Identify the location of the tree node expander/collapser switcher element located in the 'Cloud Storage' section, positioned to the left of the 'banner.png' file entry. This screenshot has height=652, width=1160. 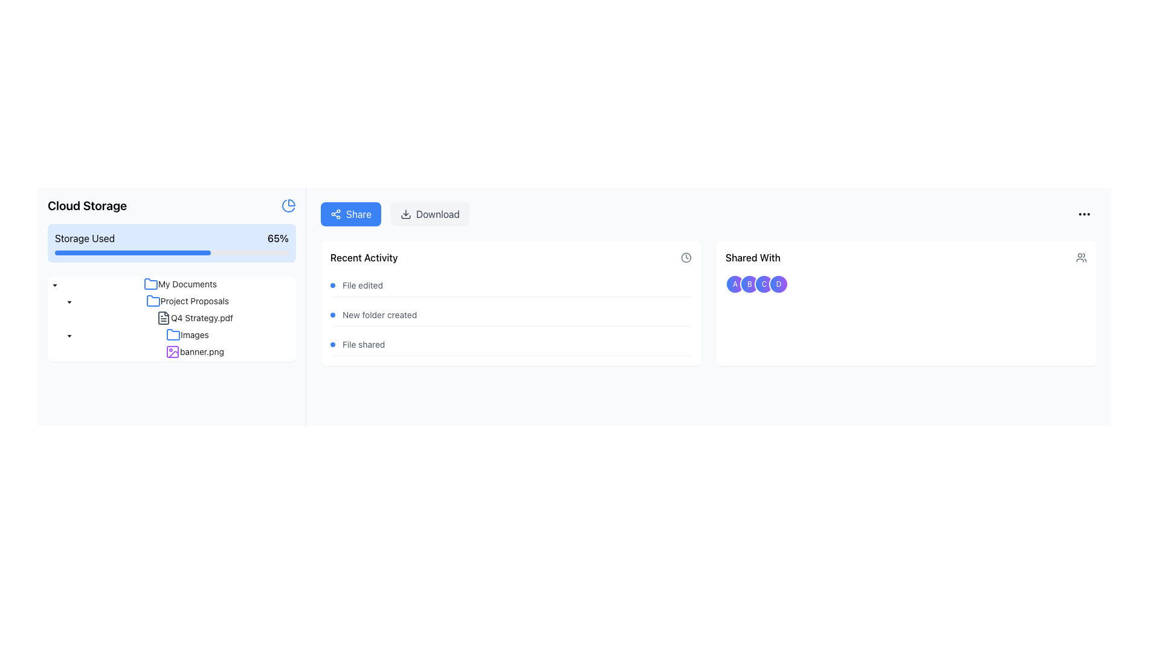
(83, 351).